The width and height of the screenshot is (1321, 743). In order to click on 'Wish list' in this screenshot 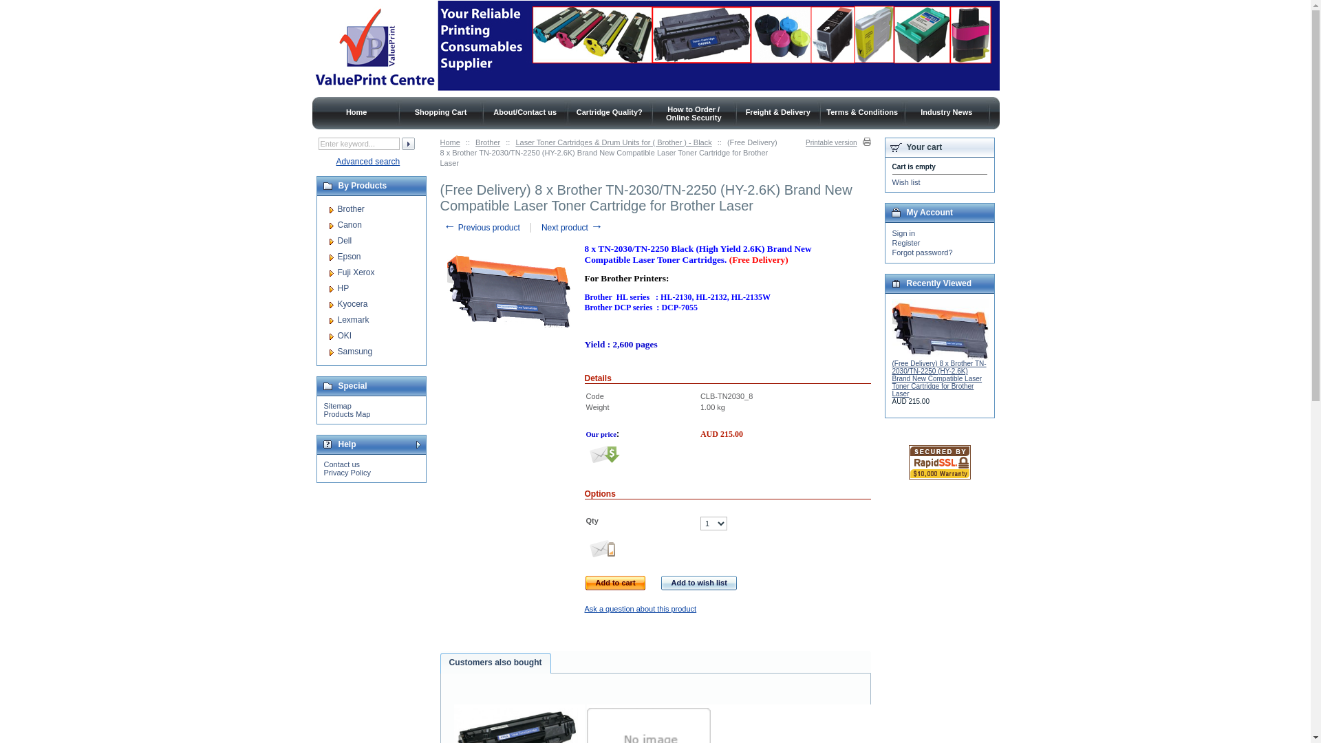, I will do `click(892, 182)`.